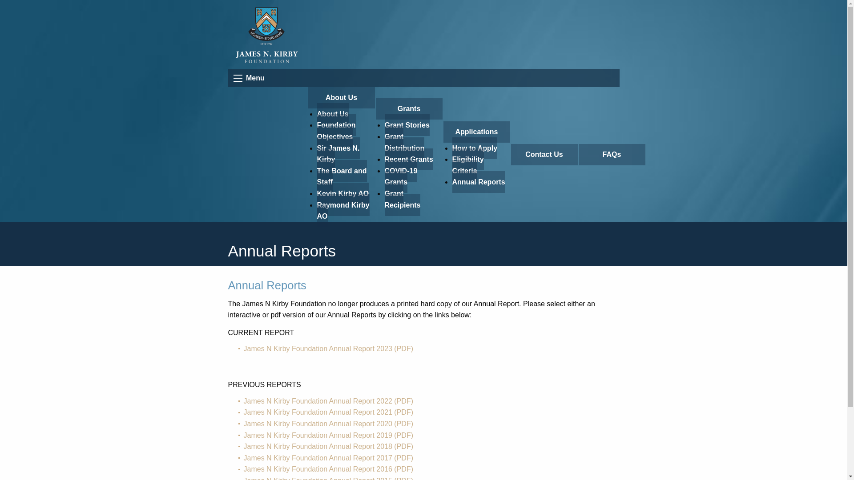 The image size is (854, 480). I want to click on 'Grant Distribution', so click(403, 142).